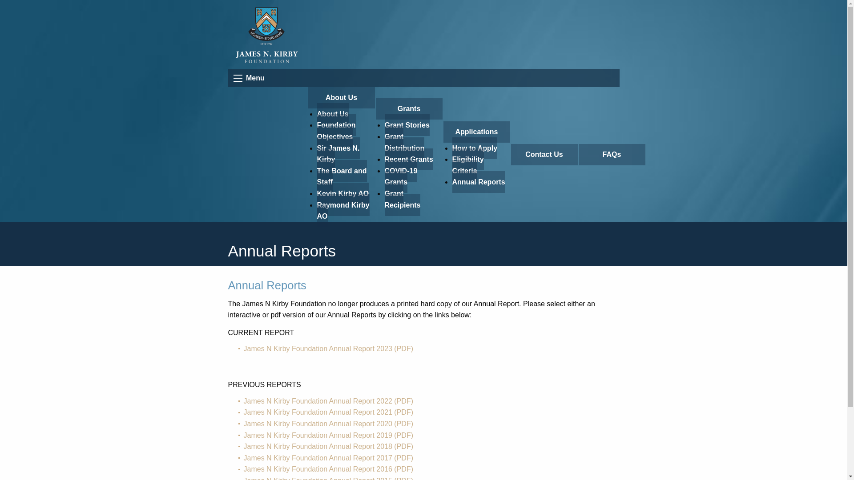 The image size is (854, 480). I want to click on 'Grant Distribution', so click(403, 142).